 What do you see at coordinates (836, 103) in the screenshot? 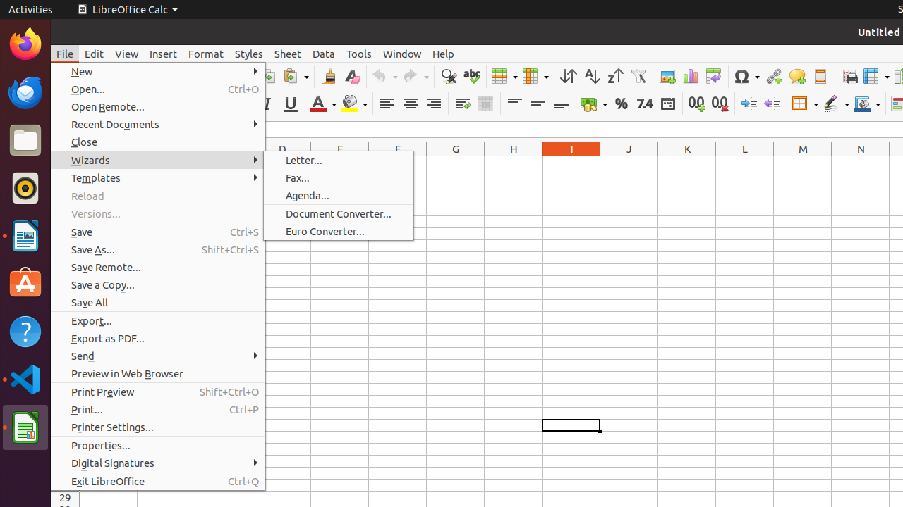
I see `'Border Style'` at bounding box center [836, 103].